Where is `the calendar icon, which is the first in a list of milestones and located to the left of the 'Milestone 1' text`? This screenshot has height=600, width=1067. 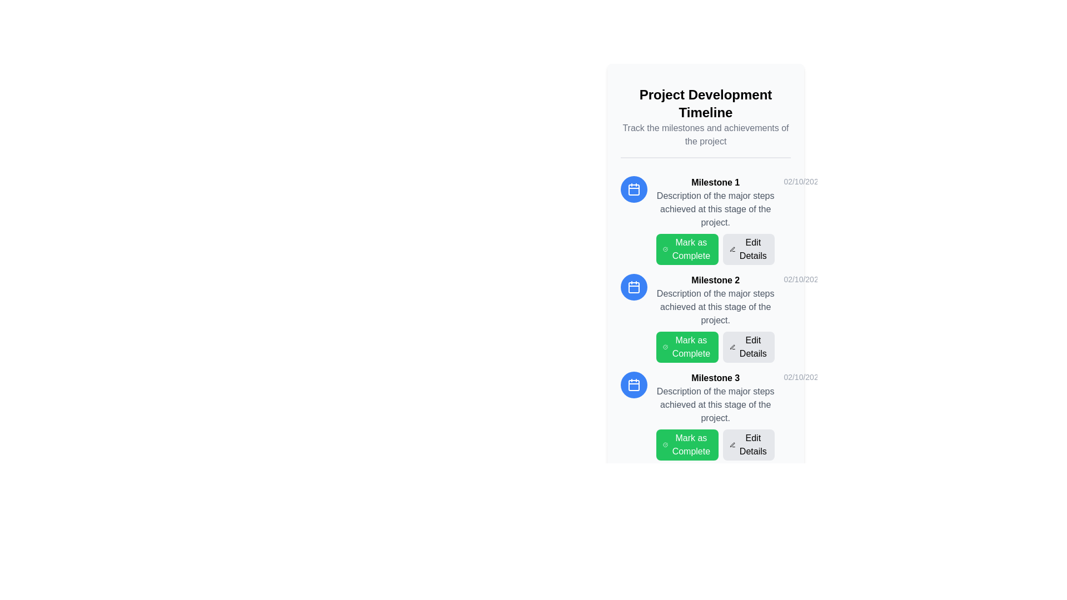
the calendar icon, which is the first in a list of milestones and located to the left of the 'Milestone 1' text is located at coordinates (634, 188).